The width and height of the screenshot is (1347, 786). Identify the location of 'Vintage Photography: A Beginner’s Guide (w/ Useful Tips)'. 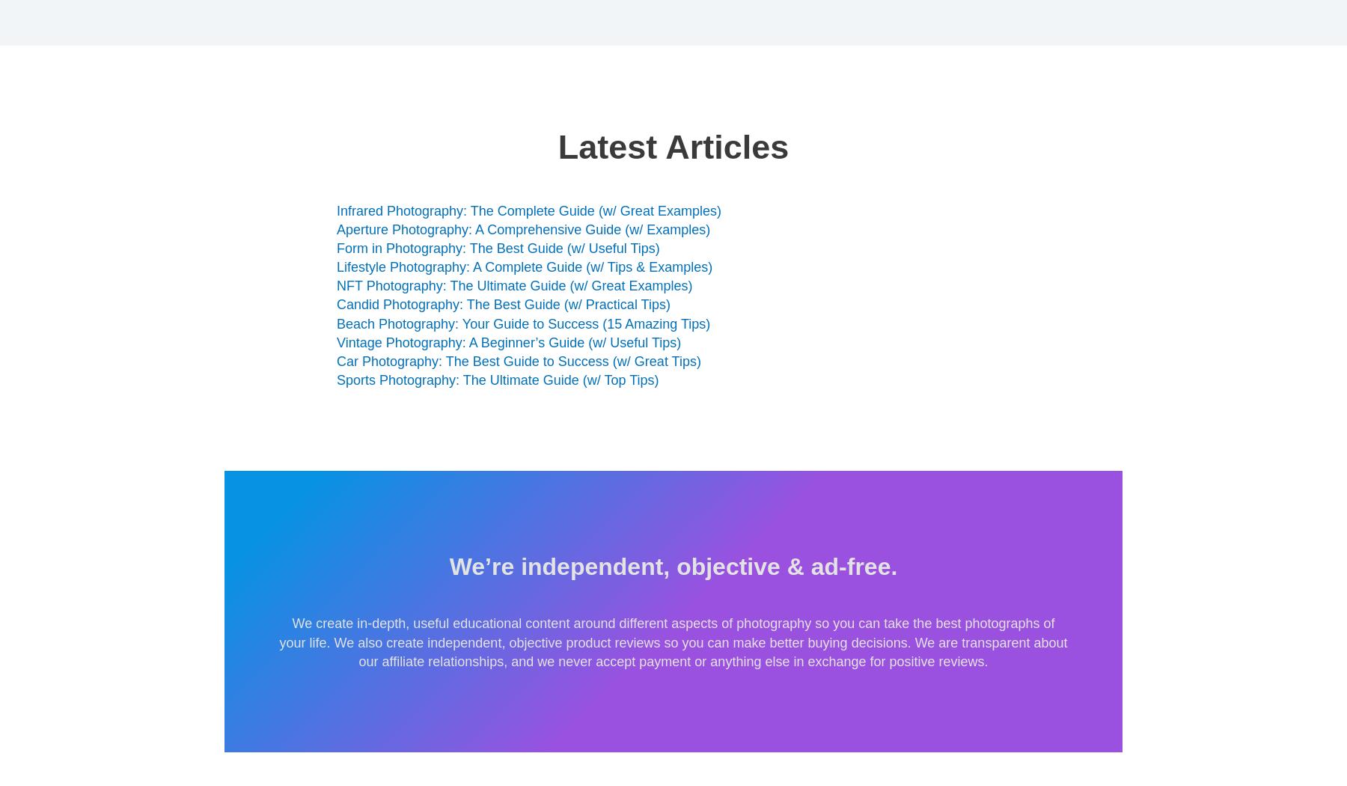
(508, 341).